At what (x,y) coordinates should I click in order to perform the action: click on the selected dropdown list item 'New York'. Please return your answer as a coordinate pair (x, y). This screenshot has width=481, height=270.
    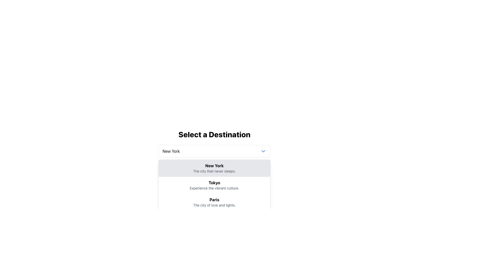
    Looking at the image, I should click on (214, 162).